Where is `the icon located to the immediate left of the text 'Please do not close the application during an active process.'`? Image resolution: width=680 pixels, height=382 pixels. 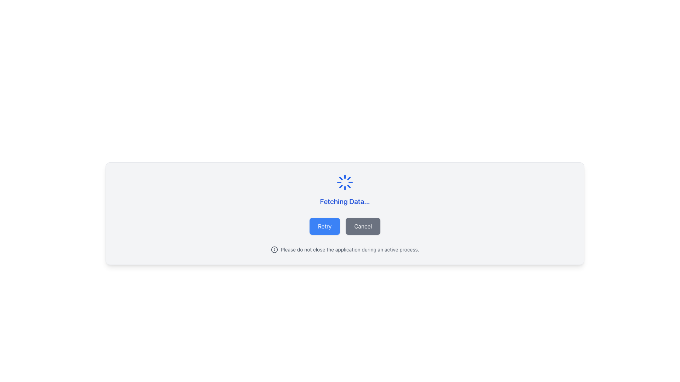
the icon located to the immediate left of the text 'Please do not close the application during an active process.' is located at coordinates (274, 249).